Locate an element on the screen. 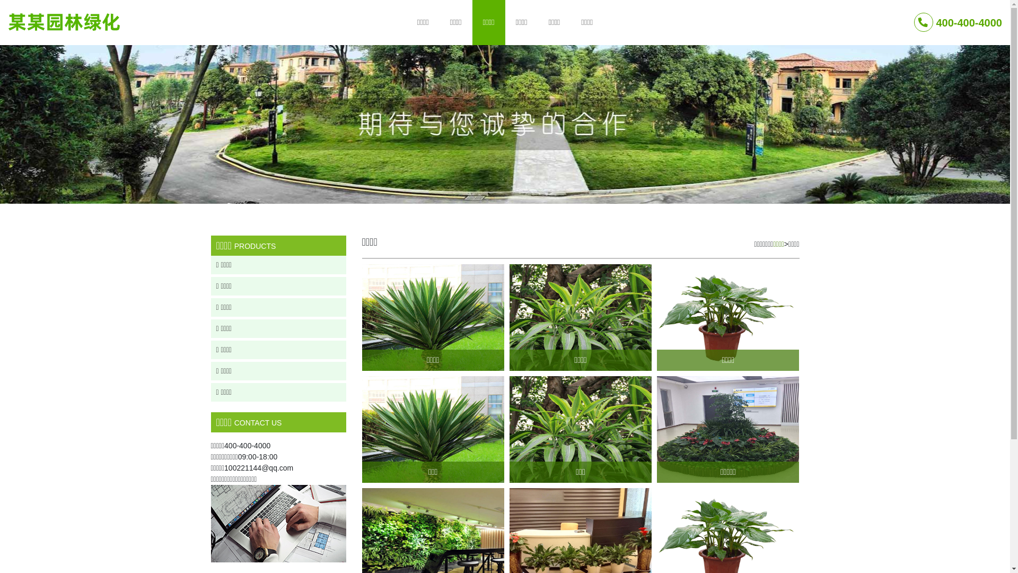  '400-400-4000' is located at coordinates (958, 22).